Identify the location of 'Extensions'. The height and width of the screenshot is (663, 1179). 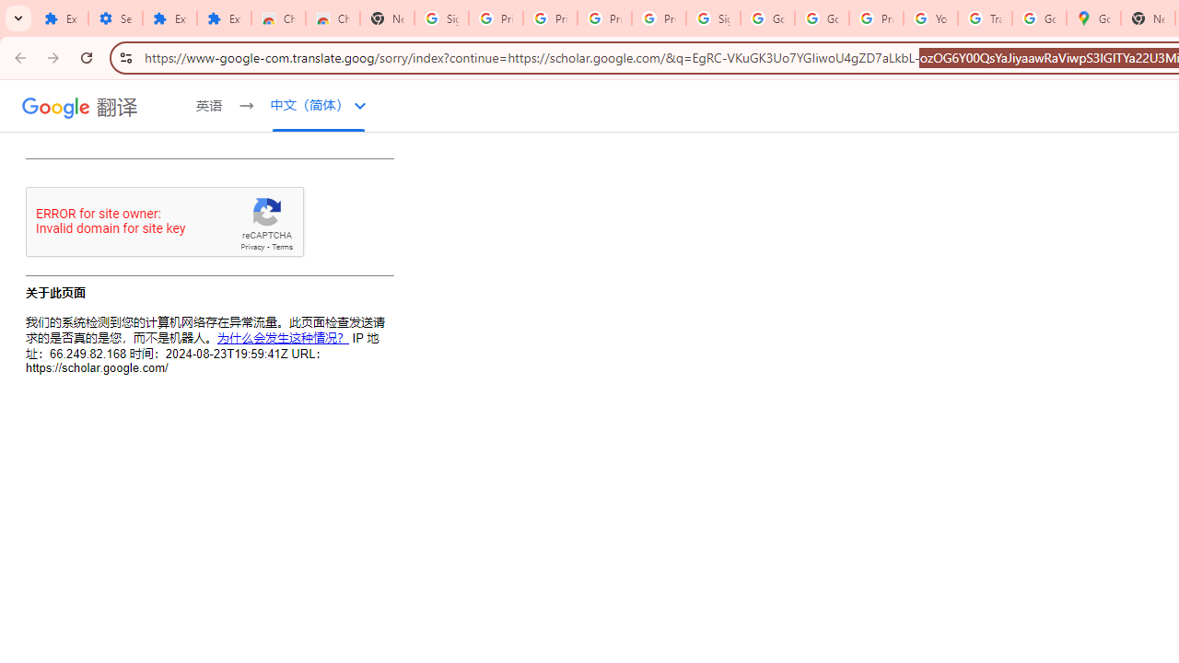
(169, 18).